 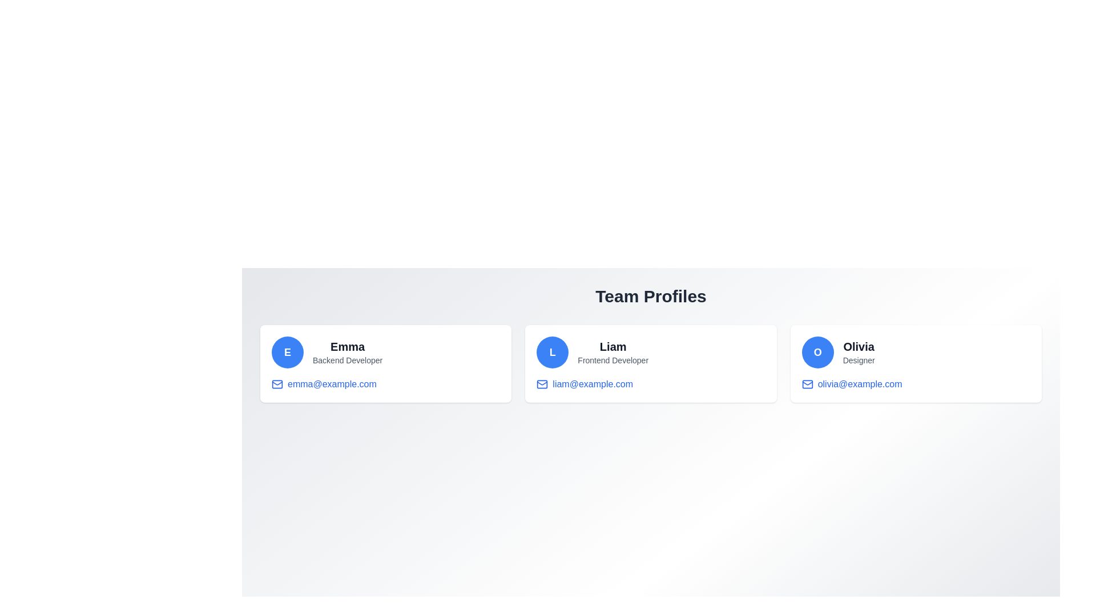 I want to click on the email address 'emma@example.com' in blue font located below the name 'Emma - Backend Developer' in the leftmost profile card of the 'Team Profiles' section to copy it, so click(x=331, y=384).